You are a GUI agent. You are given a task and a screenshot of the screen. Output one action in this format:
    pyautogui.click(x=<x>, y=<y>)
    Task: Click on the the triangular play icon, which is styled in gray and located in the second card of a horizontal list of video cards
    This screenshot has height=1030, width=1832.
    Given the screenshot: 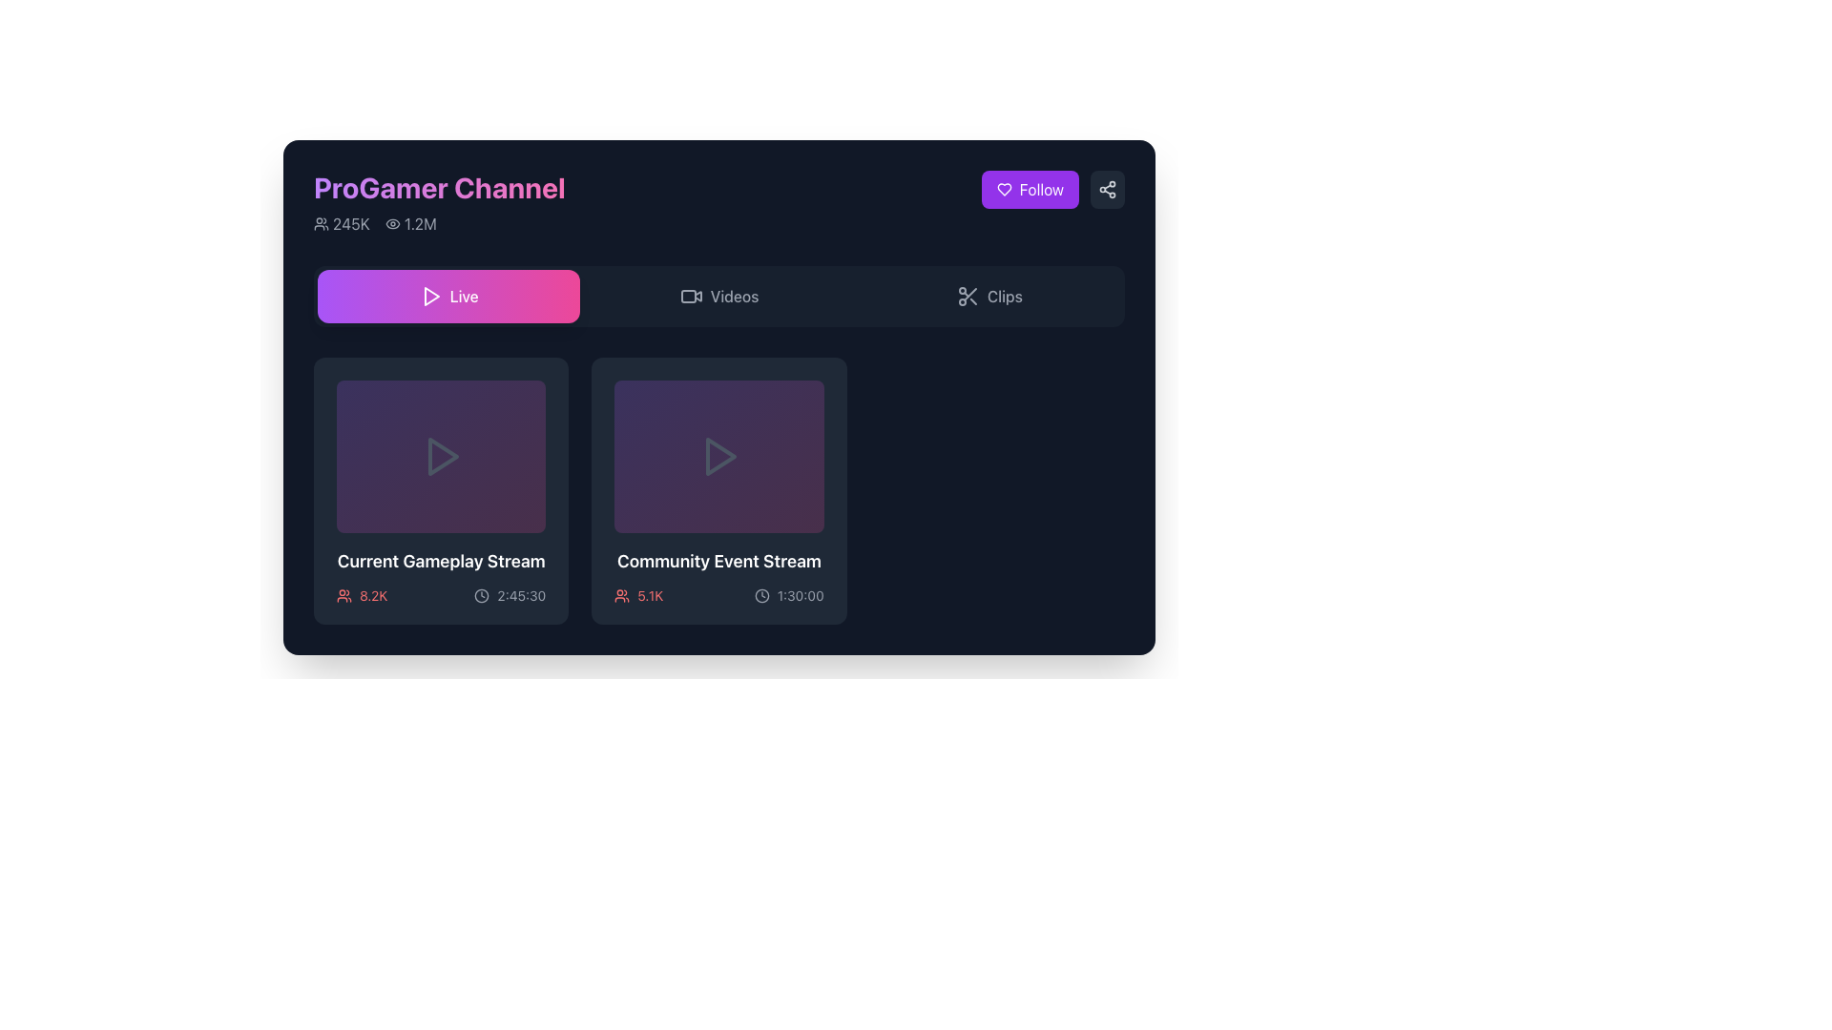 What is the action you would take?
    pyautogui.click(x=718, y=456)
    